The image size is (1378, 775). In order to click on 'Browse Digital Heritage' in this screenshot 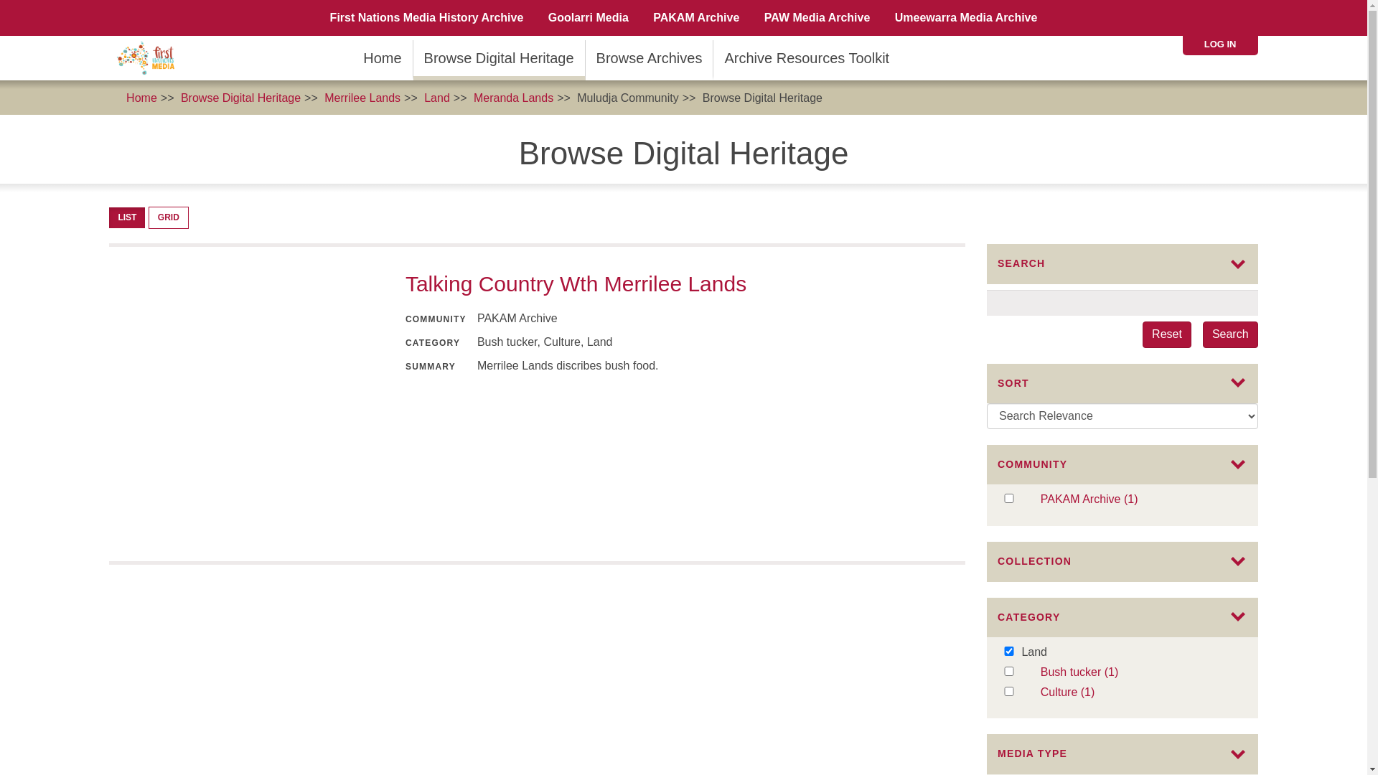, I will do `click(240, 97)`.